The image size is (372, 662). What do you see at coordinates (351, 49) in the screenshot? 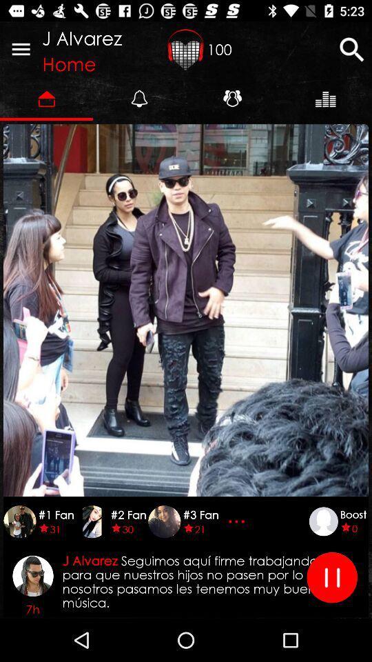
I see `search button` at bounding box center [351, 49].